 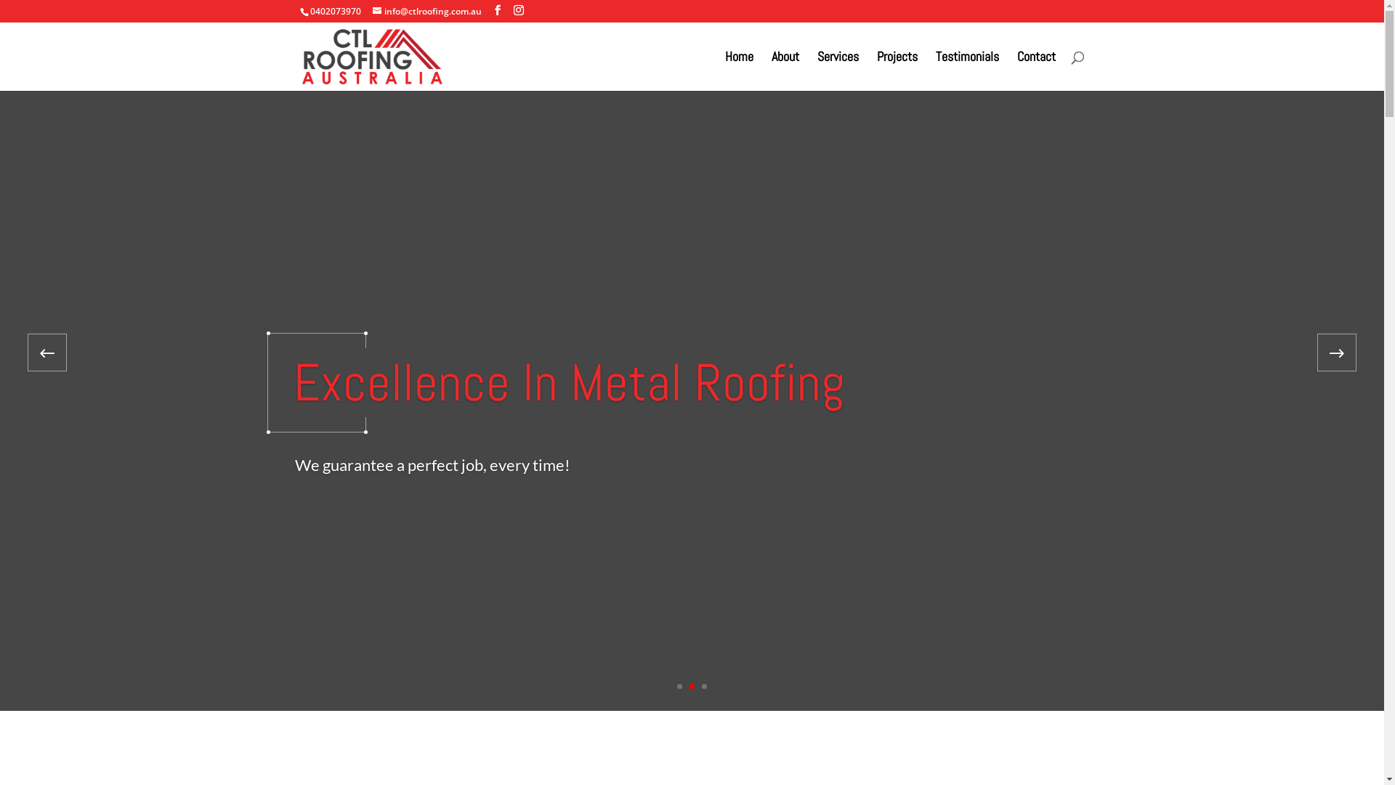 I want to click on 'Services', so click(x=837, y=71).